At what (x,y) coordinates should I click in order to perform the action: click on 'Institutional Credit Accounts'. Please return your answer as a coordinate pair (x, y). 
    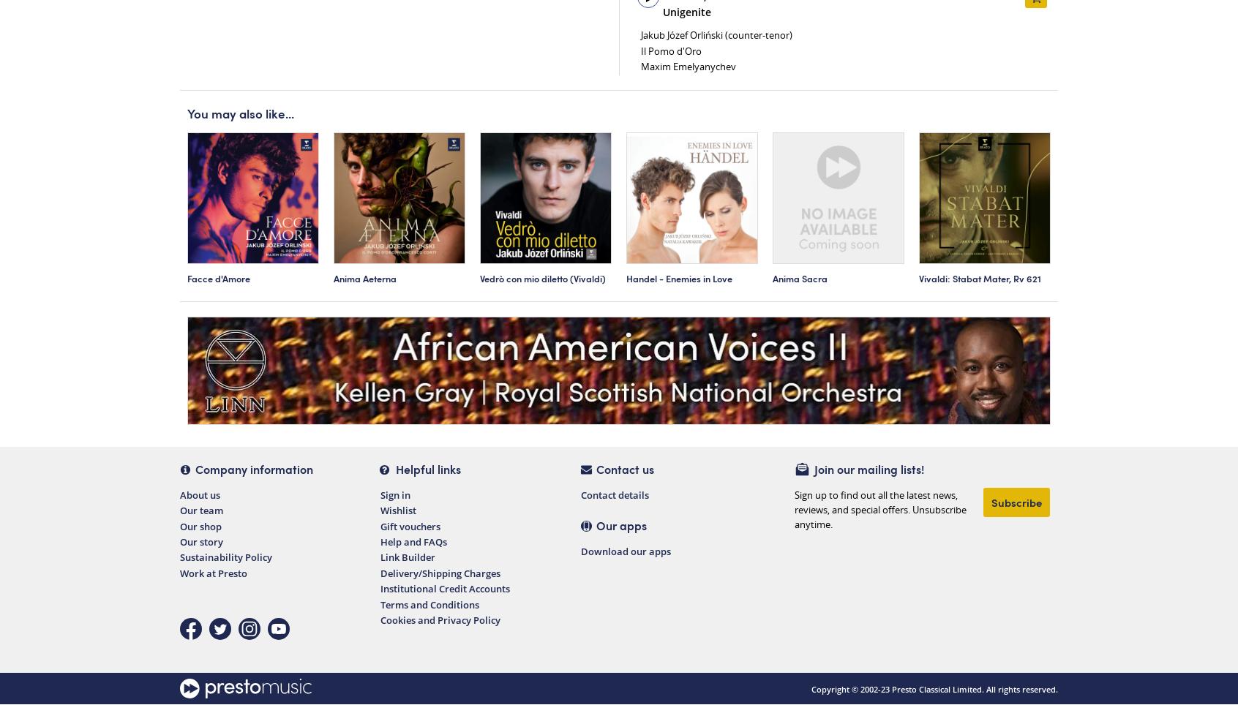
    Looking at the image, I should click on (443, 588).